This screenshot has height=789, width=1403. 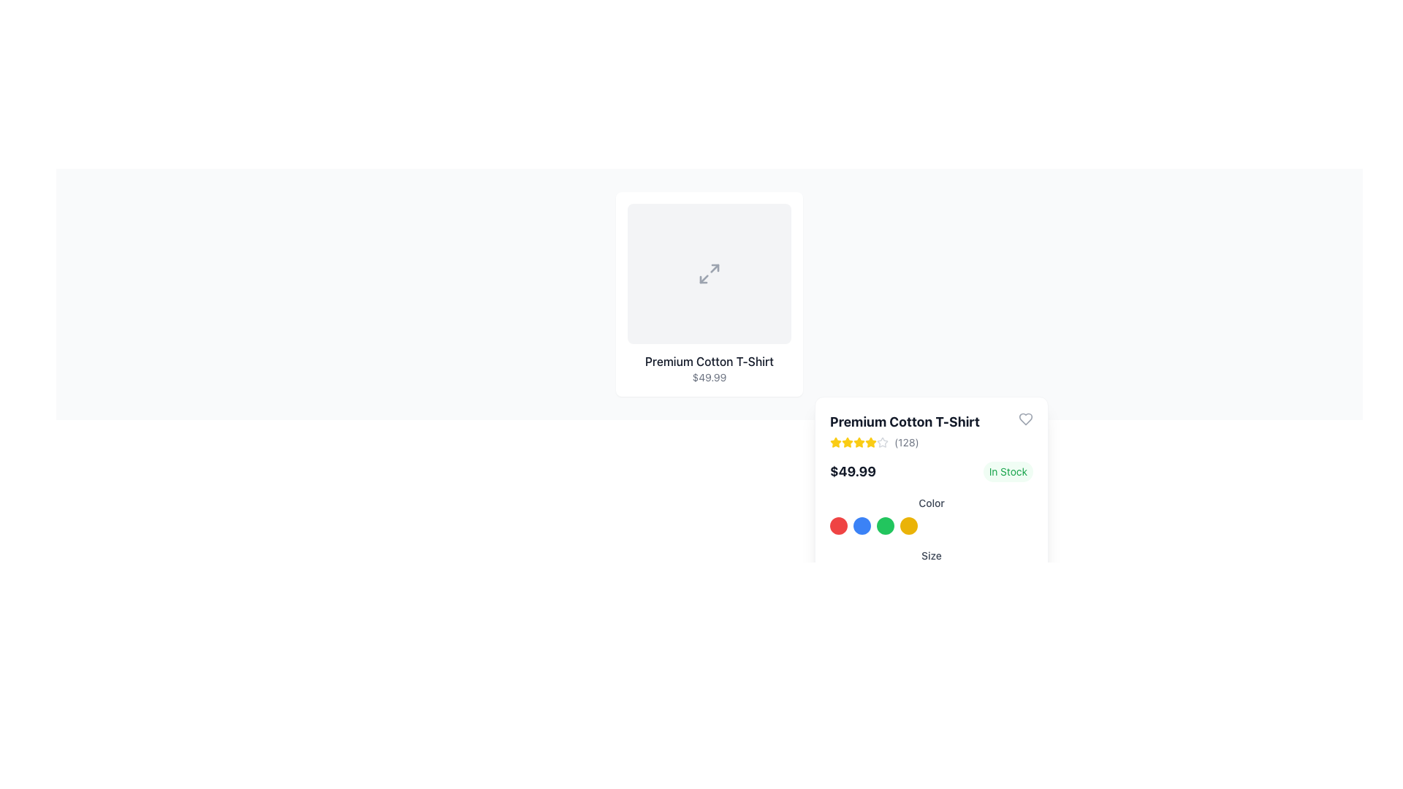 What do you see at coordinates (709, 273) in the screenshot?
I see `the image placeholder at the top-center of the 'Premium Cotton T-Shirt $49.99' card to enlarge the image` at bounding box center [709, 273].